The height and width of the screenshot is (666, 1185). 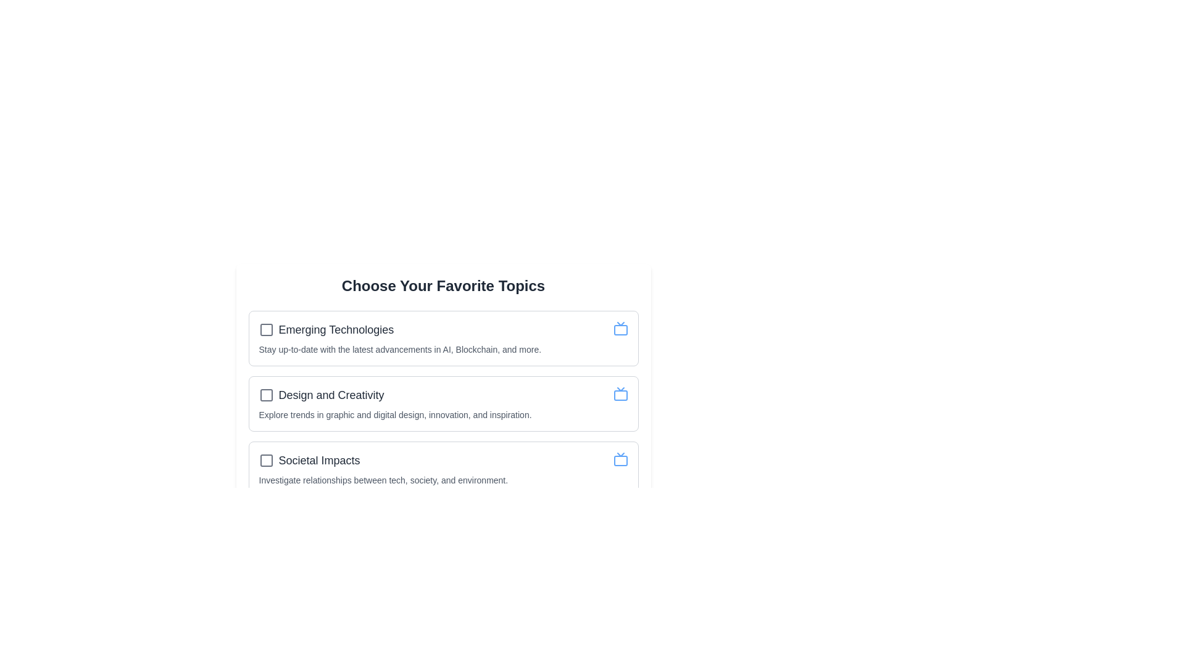 I want to click on the 'Societal Impacts' checkbox, so click(x=309, y=461).